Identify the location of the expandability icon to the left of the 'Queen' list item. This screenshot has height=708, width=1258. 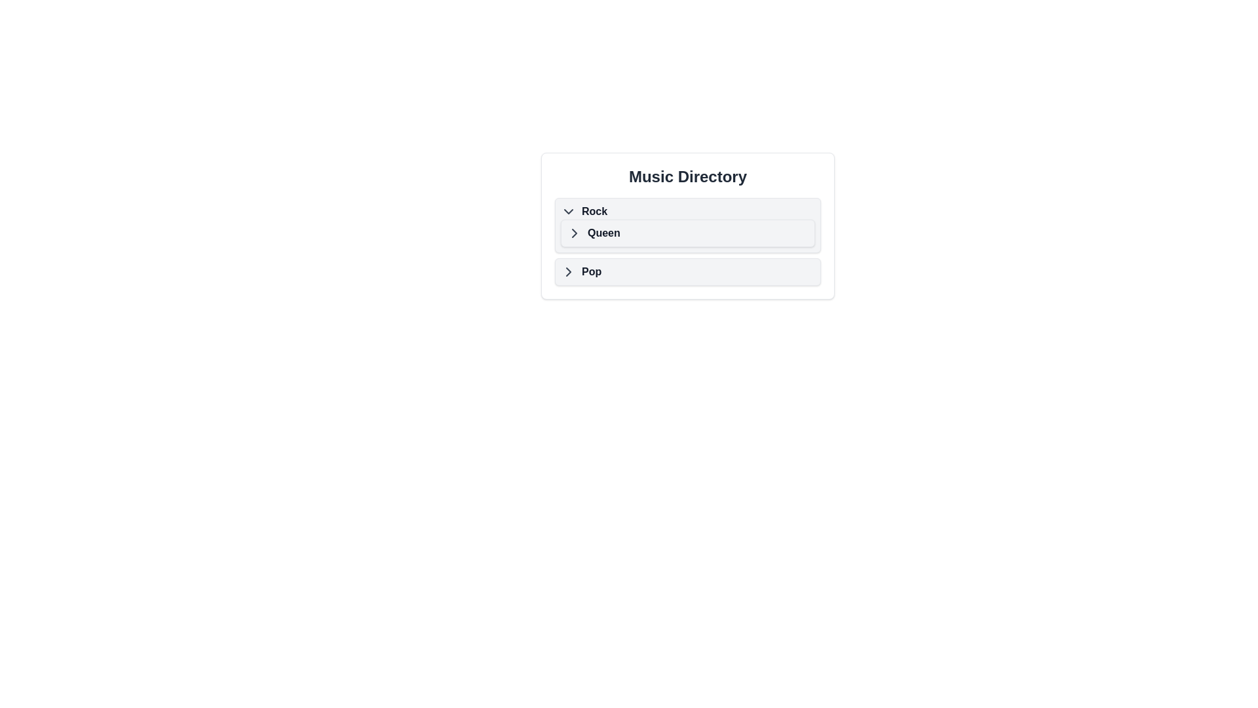
(575, 232).